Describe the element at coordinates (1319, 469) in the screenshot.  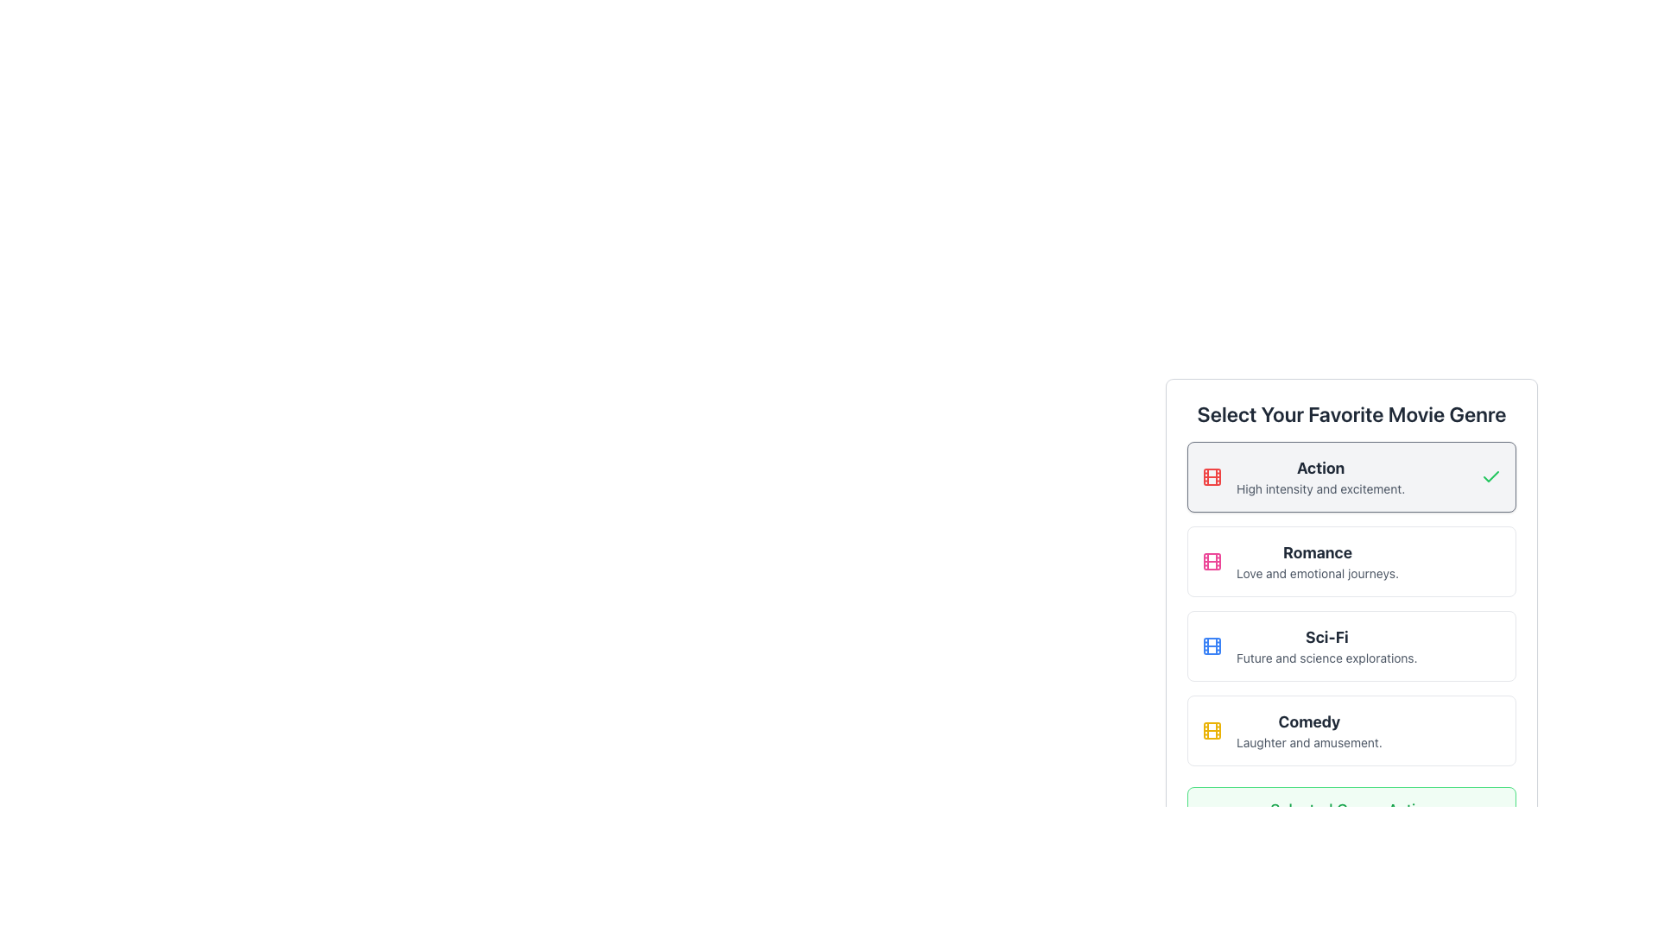
I see `the bold 'Action' text label located at the top of the card-like section with the subtitle 'High intensity and excitement.'` at that location.